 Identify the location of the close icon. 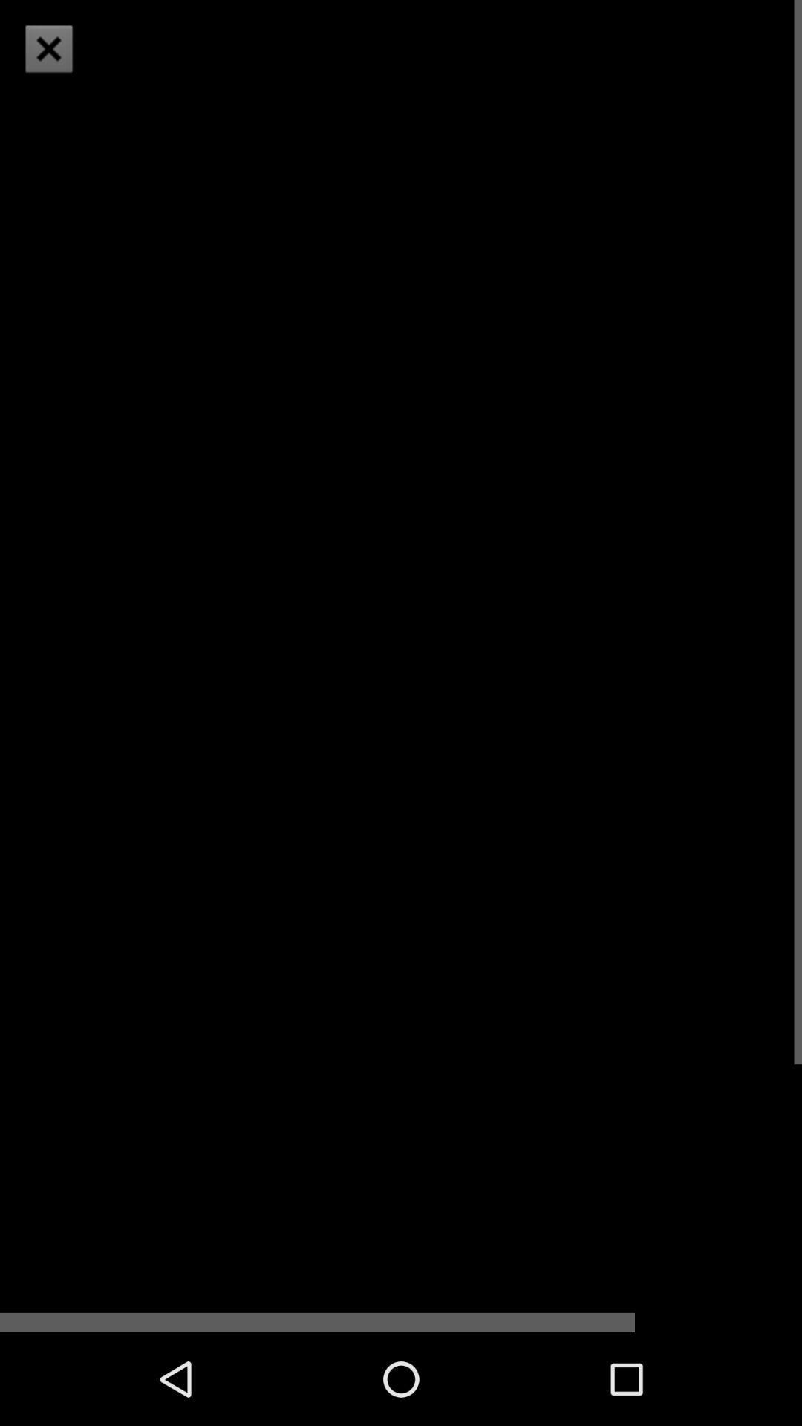
(48, 52).